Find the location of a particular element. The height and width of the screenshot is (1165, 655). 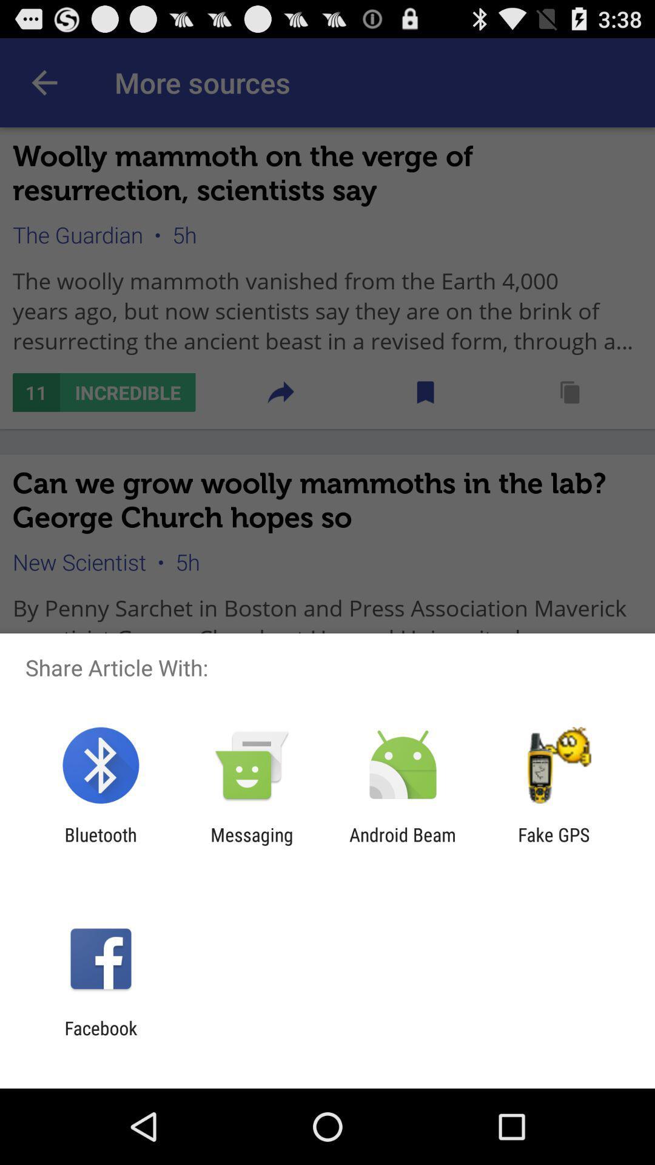

the icon next to the bluetooth is located at coordinates (251, 845).